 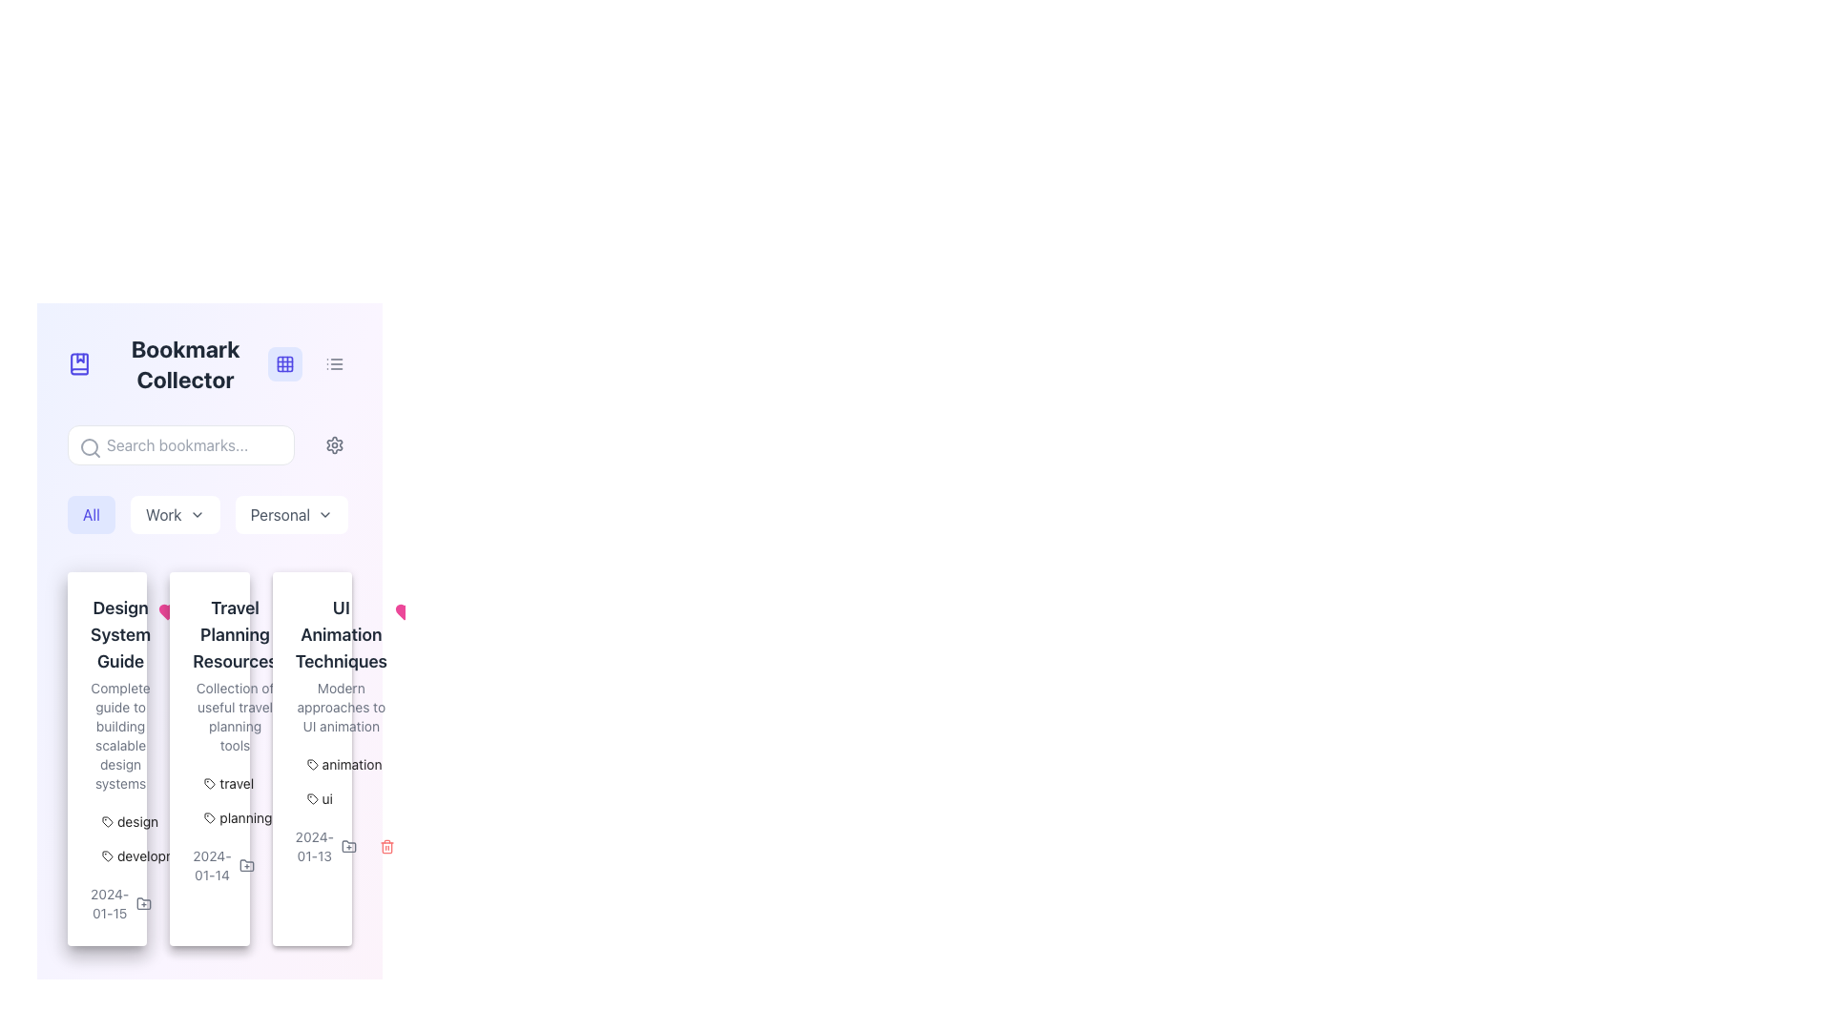 What do you see at coordinates (283, 865) in the screenshot?
I see `the red circular button with a trash icon inside it located at the bottom-right of the 'UI Animation Techniques' card` at bounding box center [283, 865].